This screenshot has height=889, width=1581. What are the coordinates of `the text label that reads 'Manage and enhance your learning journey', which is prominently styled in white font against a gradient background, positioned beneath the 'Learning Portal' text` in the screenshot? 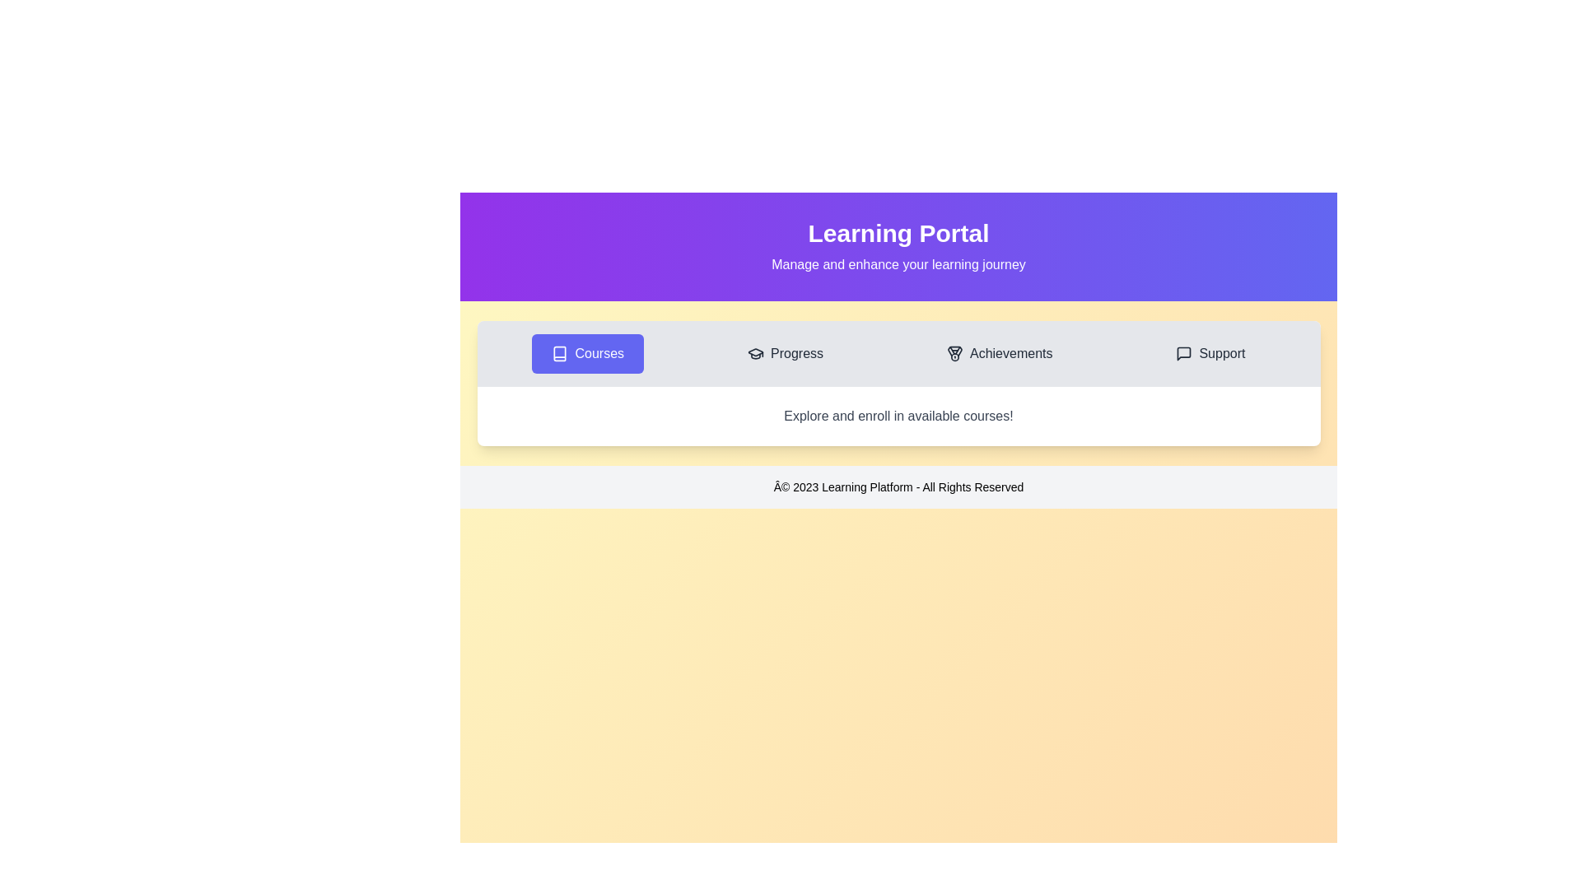 It's located at (898, 263).